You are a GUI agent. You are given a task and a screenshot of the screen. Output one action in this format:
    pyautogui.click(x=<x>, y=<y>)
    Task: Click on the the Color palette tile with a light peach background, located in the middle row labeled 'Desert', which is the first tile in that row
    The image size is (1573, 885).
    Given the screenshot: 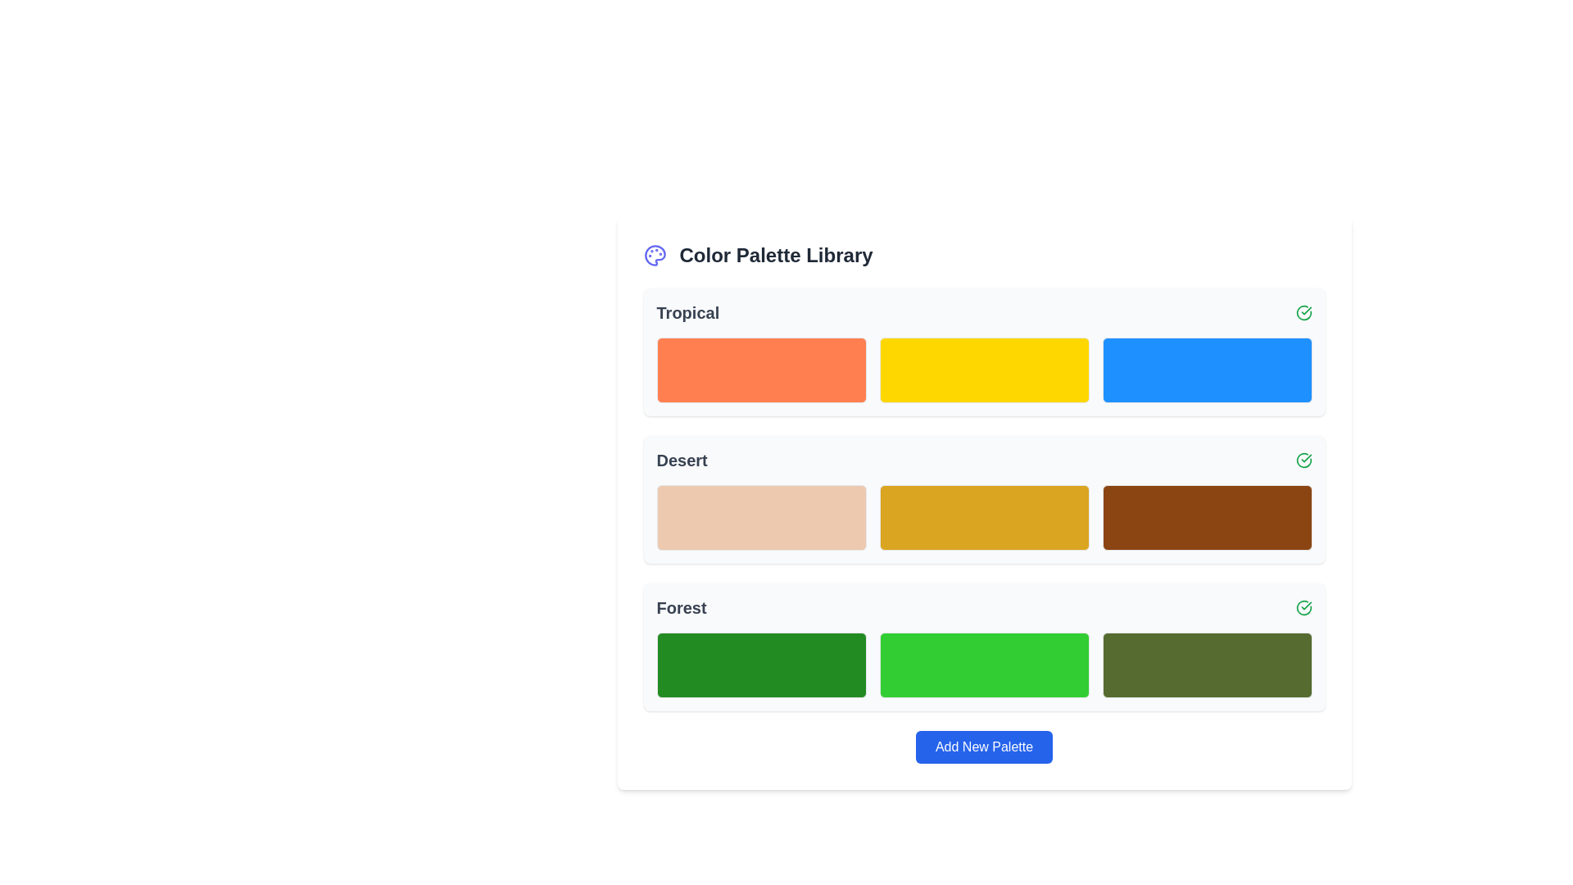 What is the action you would take?
    pyautogui.click(x=760, y=518)
    